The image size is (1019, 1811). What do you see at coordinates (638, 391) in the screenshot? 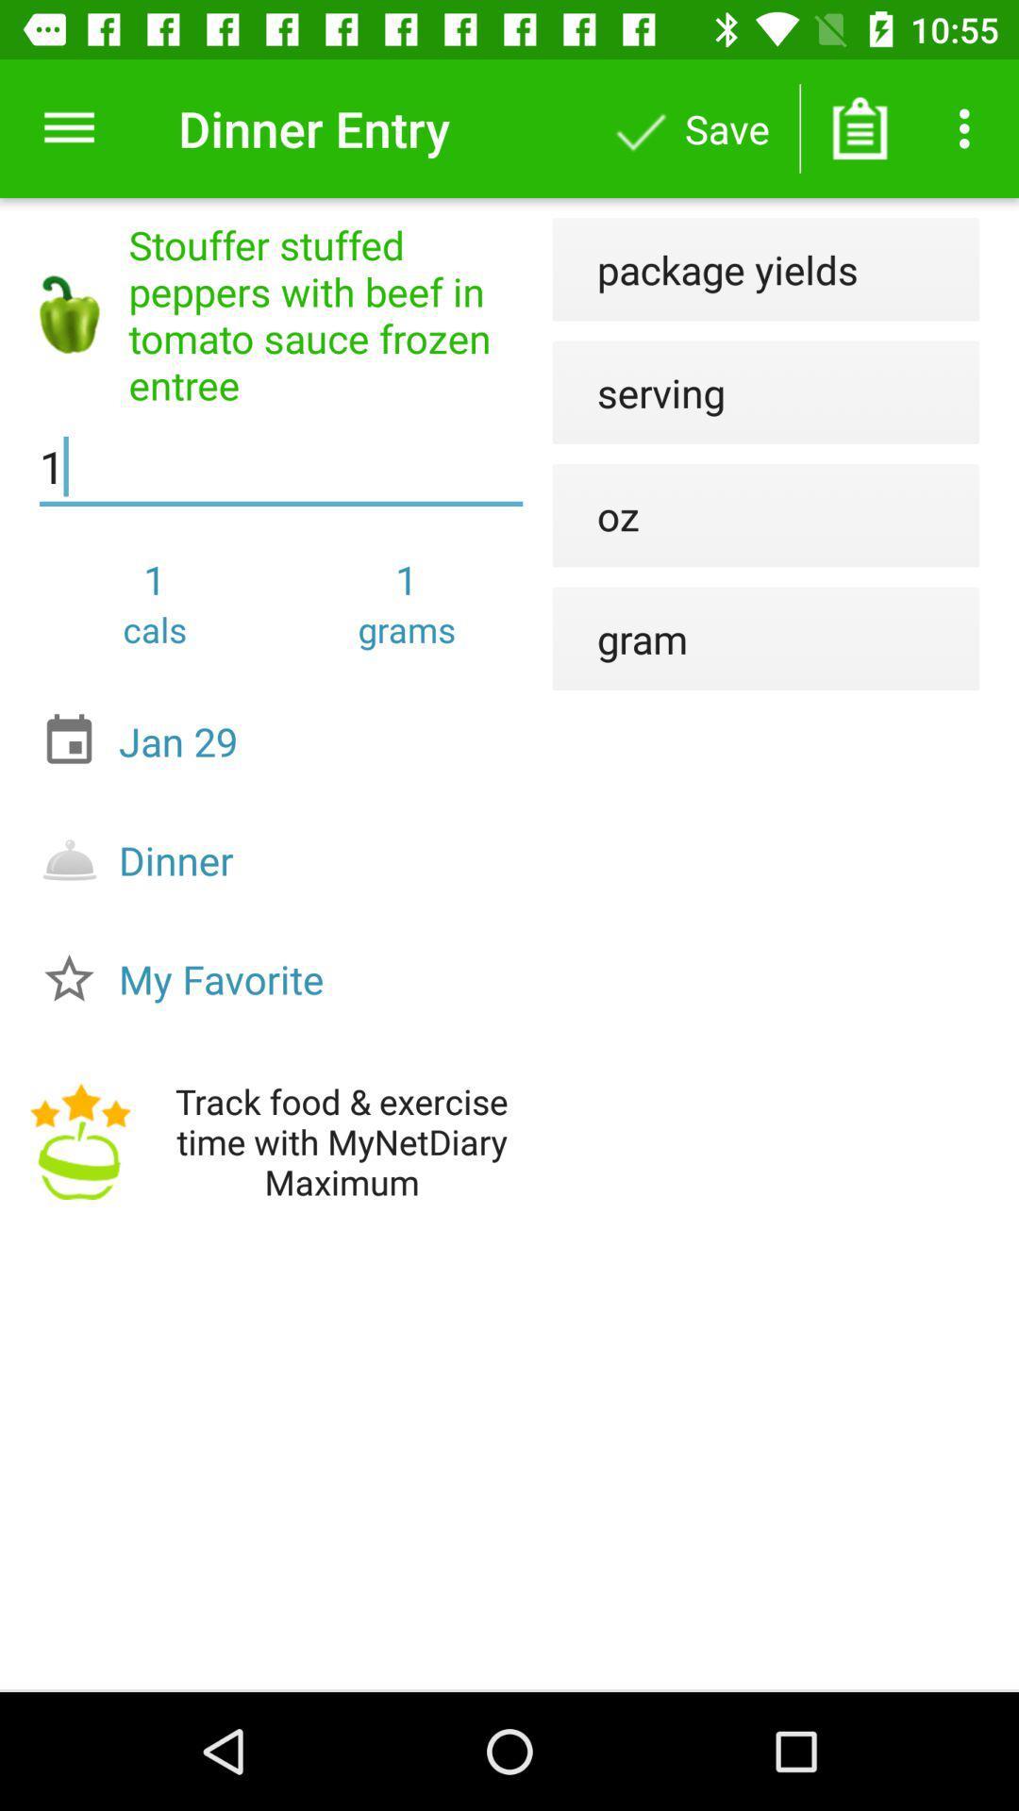
I see `the icon next to stouffer stuffed peppers` at bounding box center [638, 391].